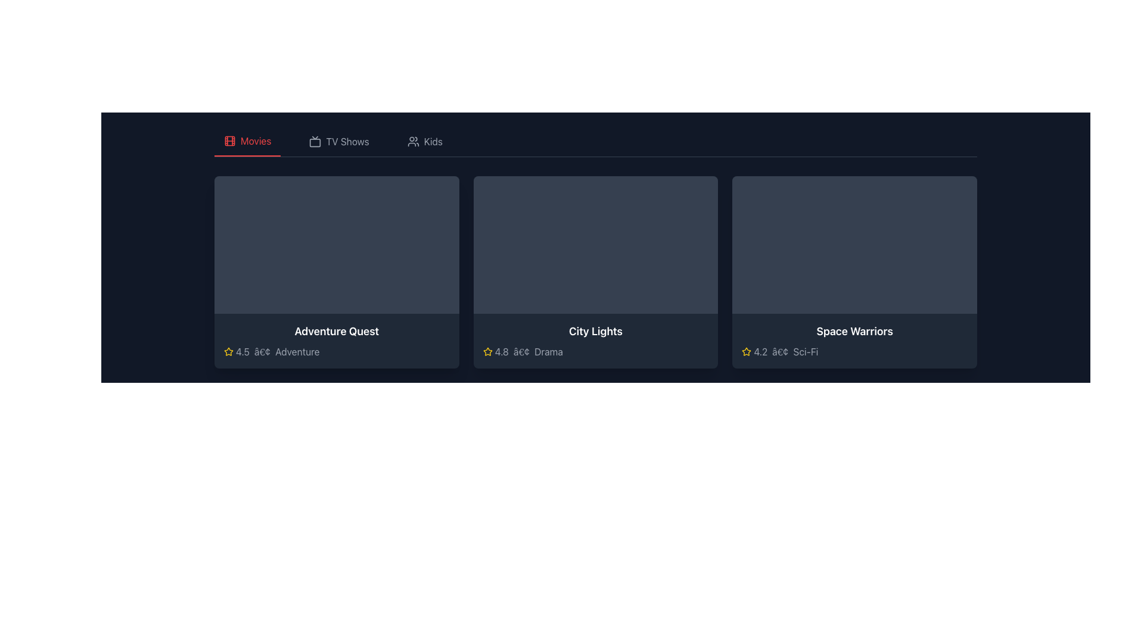 The image size is (1144, 643). What do you see at coordinates (338, 141) in the screenshot?
I see `the 'TV Shows' button, which is a horizontal text button with a television icon on its left` at bounding box center [338, 141].